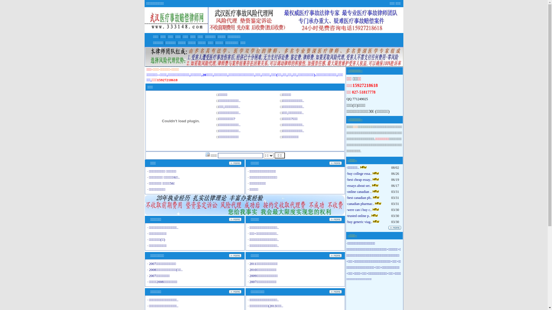  What do you see at coordinates (359, 216) in the screenshot?
I see `'trusted online p..'` at bounding box center [359, 216].